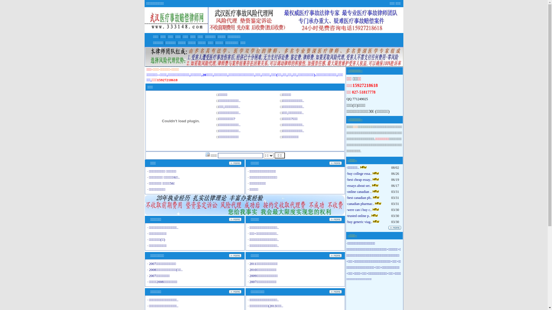  What do you see at coordinates (359, 216) in the screenshot?
I see `'trusted online p..'` at bounding box center [359, 216].